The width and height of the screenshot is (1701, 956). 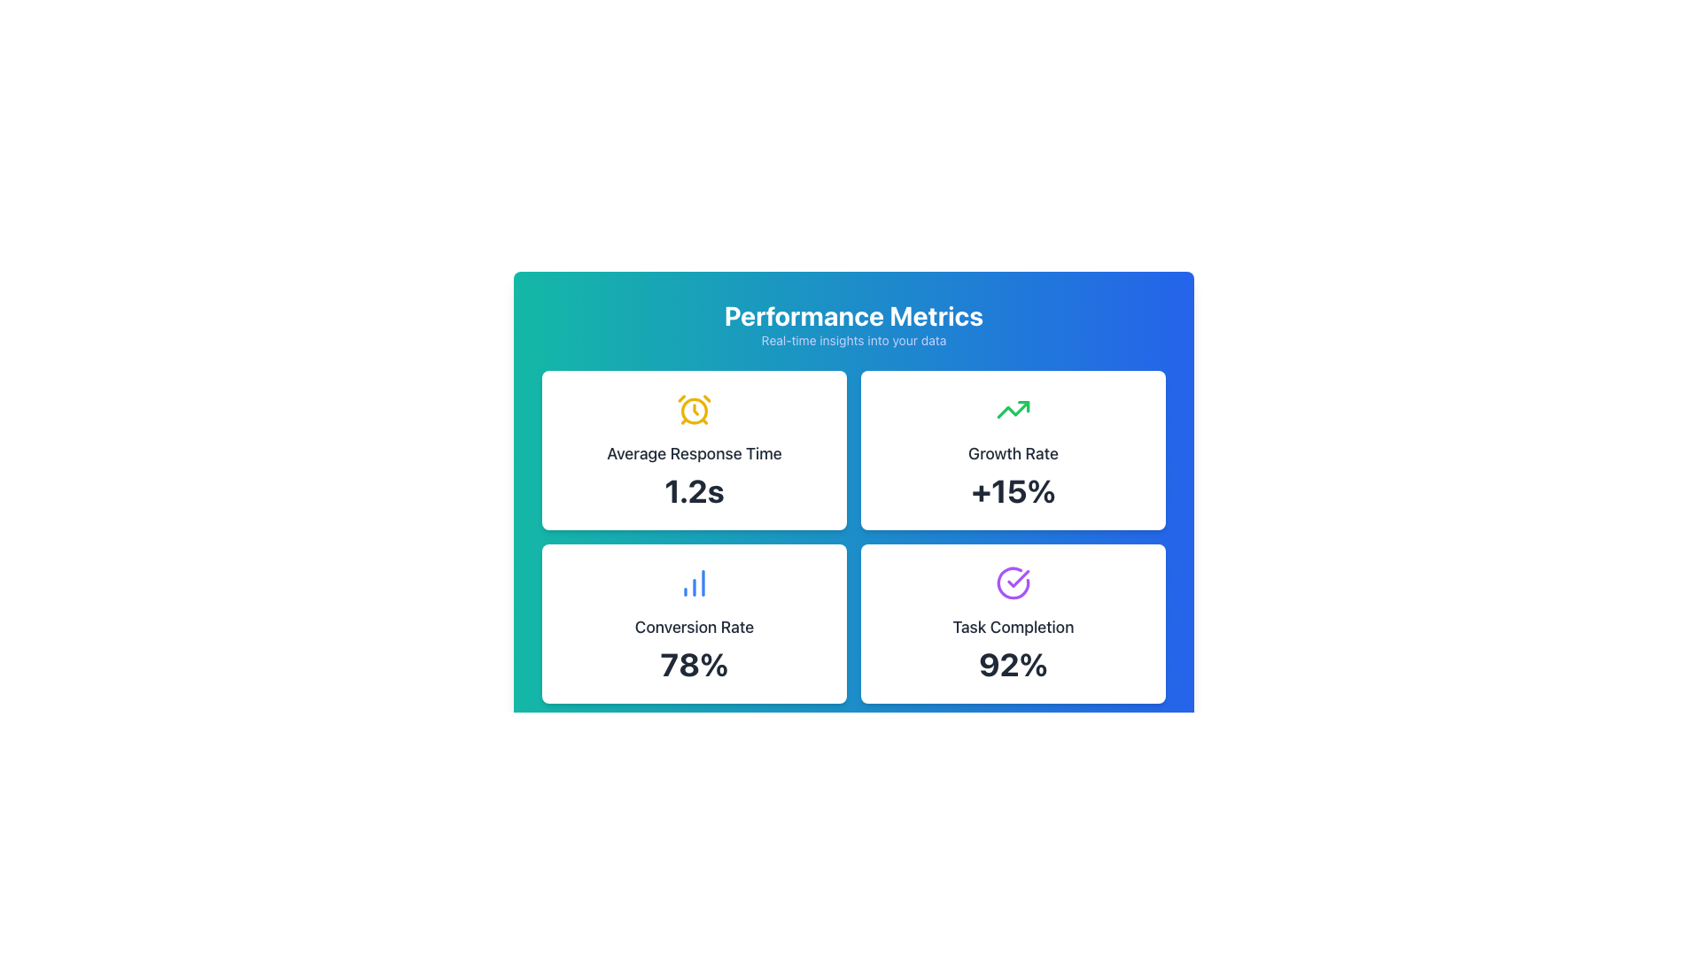 What do you see at coordinates (693, 410) in the screenshot?
I see `the central circular feature of the alarm clock icon located in the top left quadrant of the 'Average Response Time' section` at bounding box center [693, 410].